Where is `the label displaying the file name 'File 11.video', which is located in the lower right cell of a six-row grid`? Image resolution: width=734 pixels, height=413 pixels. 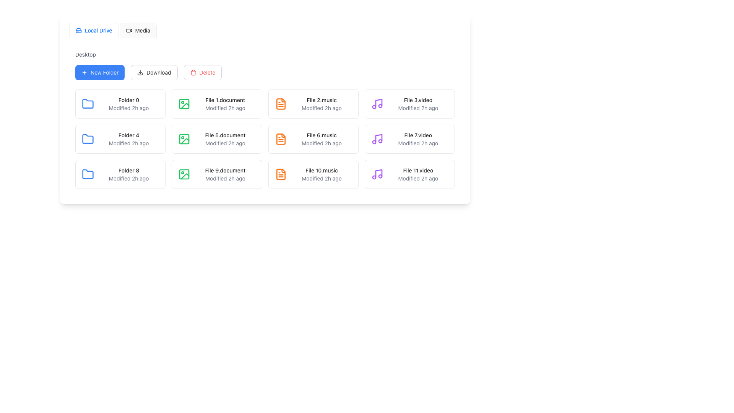 the label displaying the file name 'File 11.video', which is located in the lower right cell of a six-row grid is located at coordinates (417, 170).